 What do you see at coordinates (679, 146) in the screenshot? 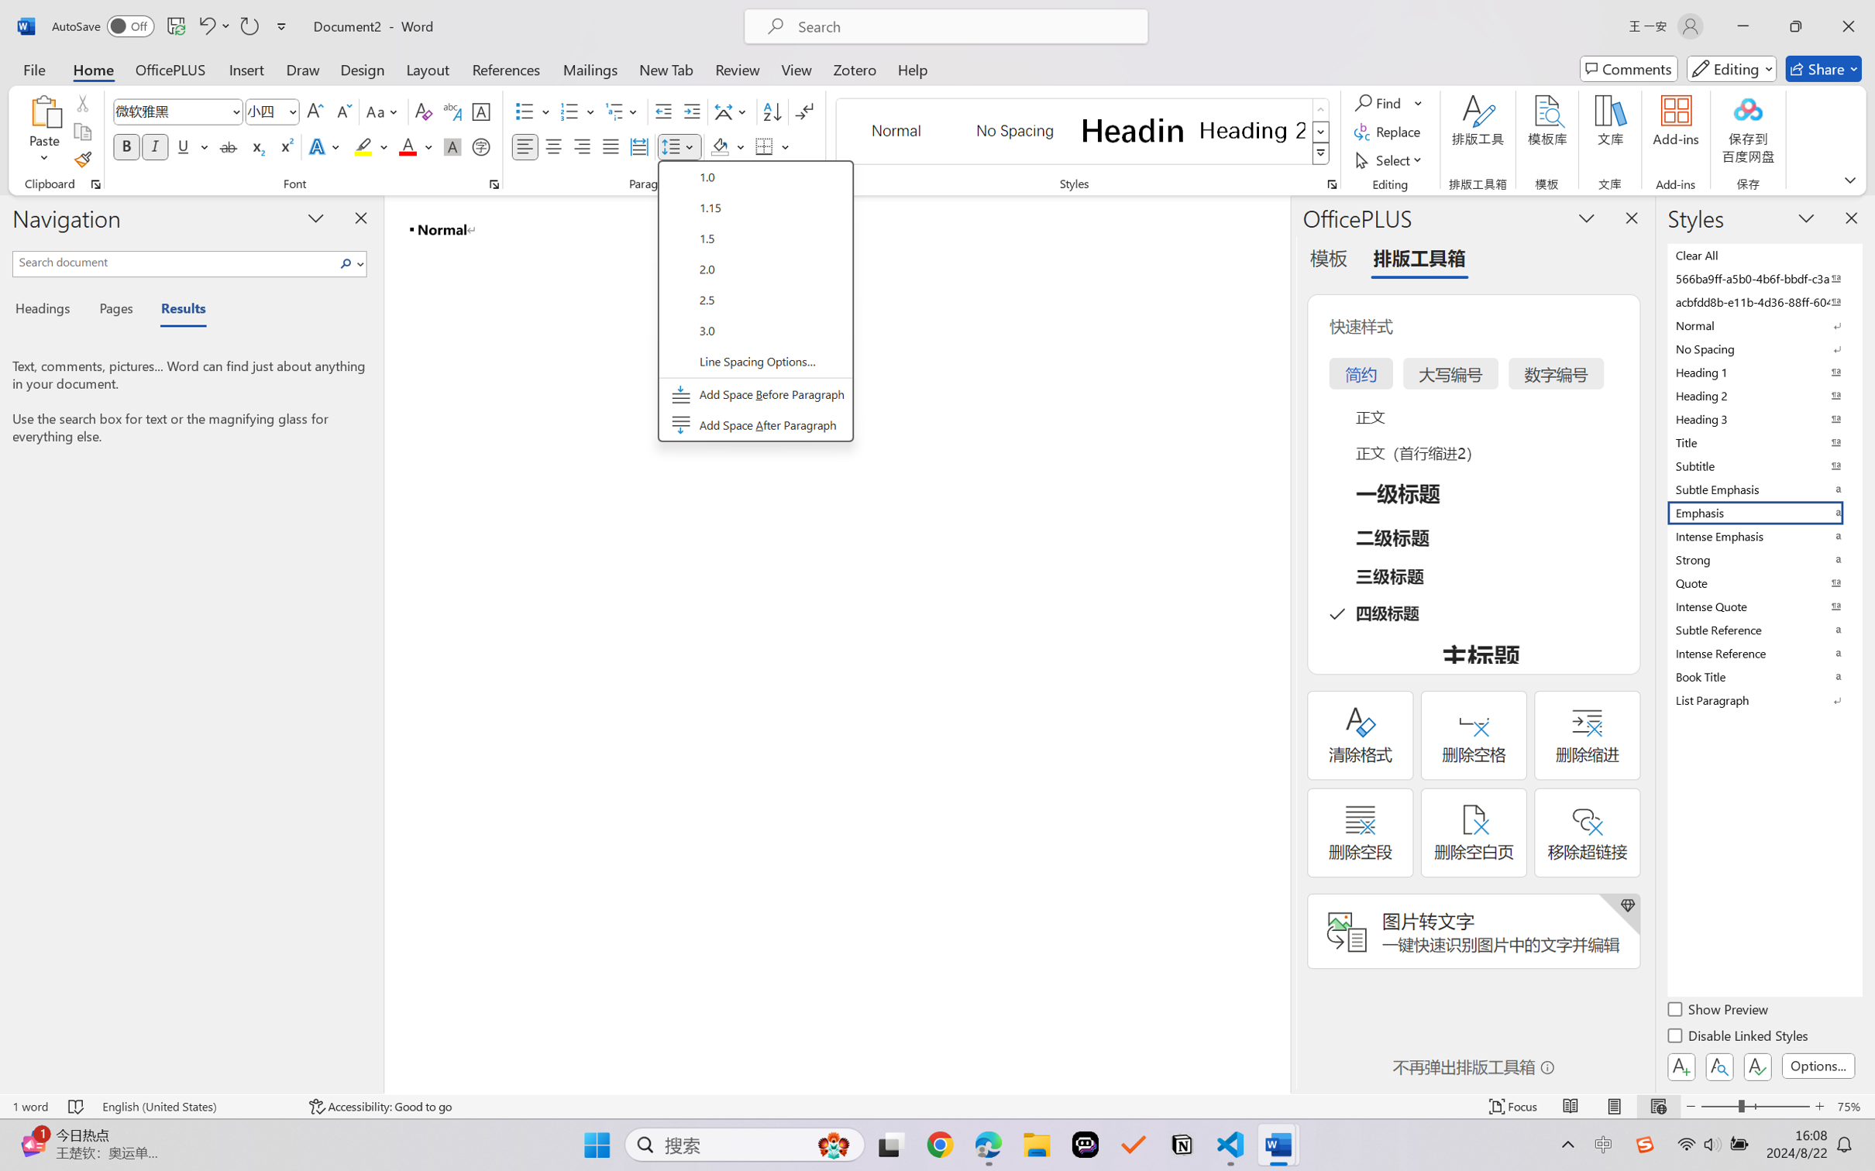
I see `'Line and Paragraph Spacing'` at bounding box center [679, 146].